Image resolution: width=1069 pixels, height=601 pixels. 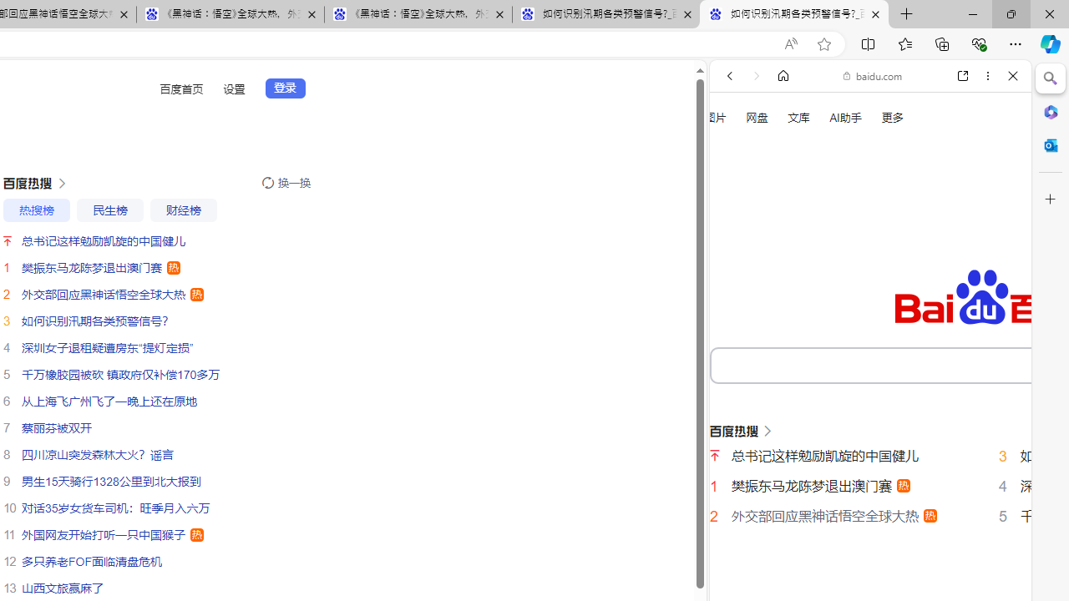 What do you see at coordinates (869, 523) in the screenshot?
I see `'English (Uk)'` at bounding box center [869, 523].